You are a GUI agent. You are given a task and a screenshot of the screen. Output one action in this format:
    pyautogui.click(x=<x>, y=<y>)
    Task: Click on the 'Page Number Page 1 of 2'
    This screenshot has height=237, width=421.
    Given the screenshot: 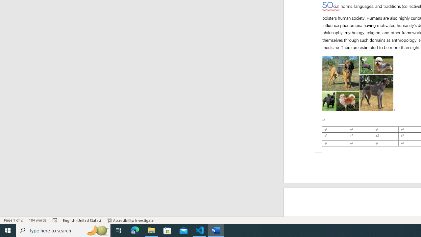 What is the action you would take?
    pyautogui.click(x=13, y=220)
    